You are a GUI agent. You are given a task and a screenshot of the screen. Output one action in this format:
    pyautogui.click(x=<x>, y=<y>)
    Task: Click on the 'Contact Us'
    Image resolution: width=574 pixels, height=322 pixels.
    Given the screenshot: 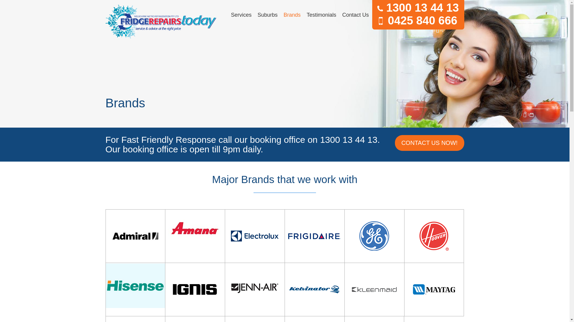 What is the action you would take?
    pyautogui.click(x=339, y=15)
    